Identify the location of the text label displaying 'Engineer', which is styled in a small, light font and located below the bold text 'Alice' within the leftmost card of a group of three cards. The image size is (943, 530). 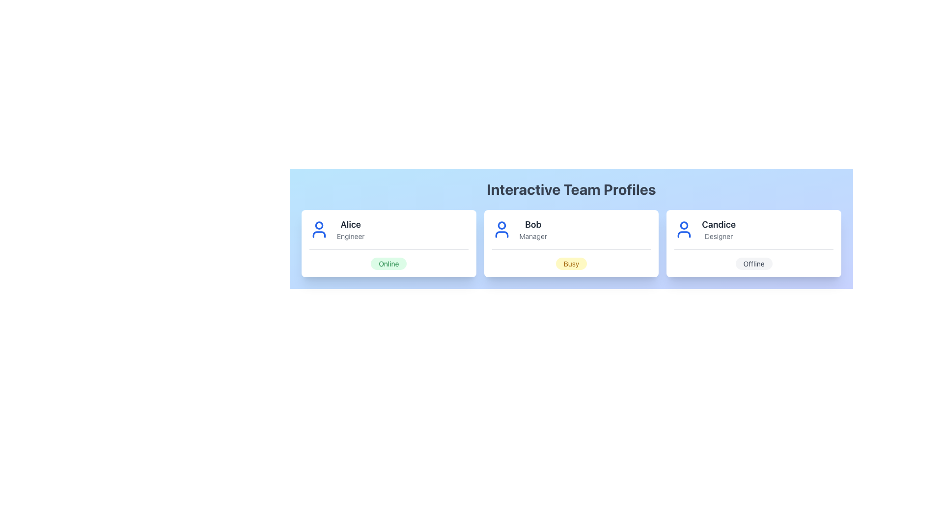
(351, 237).